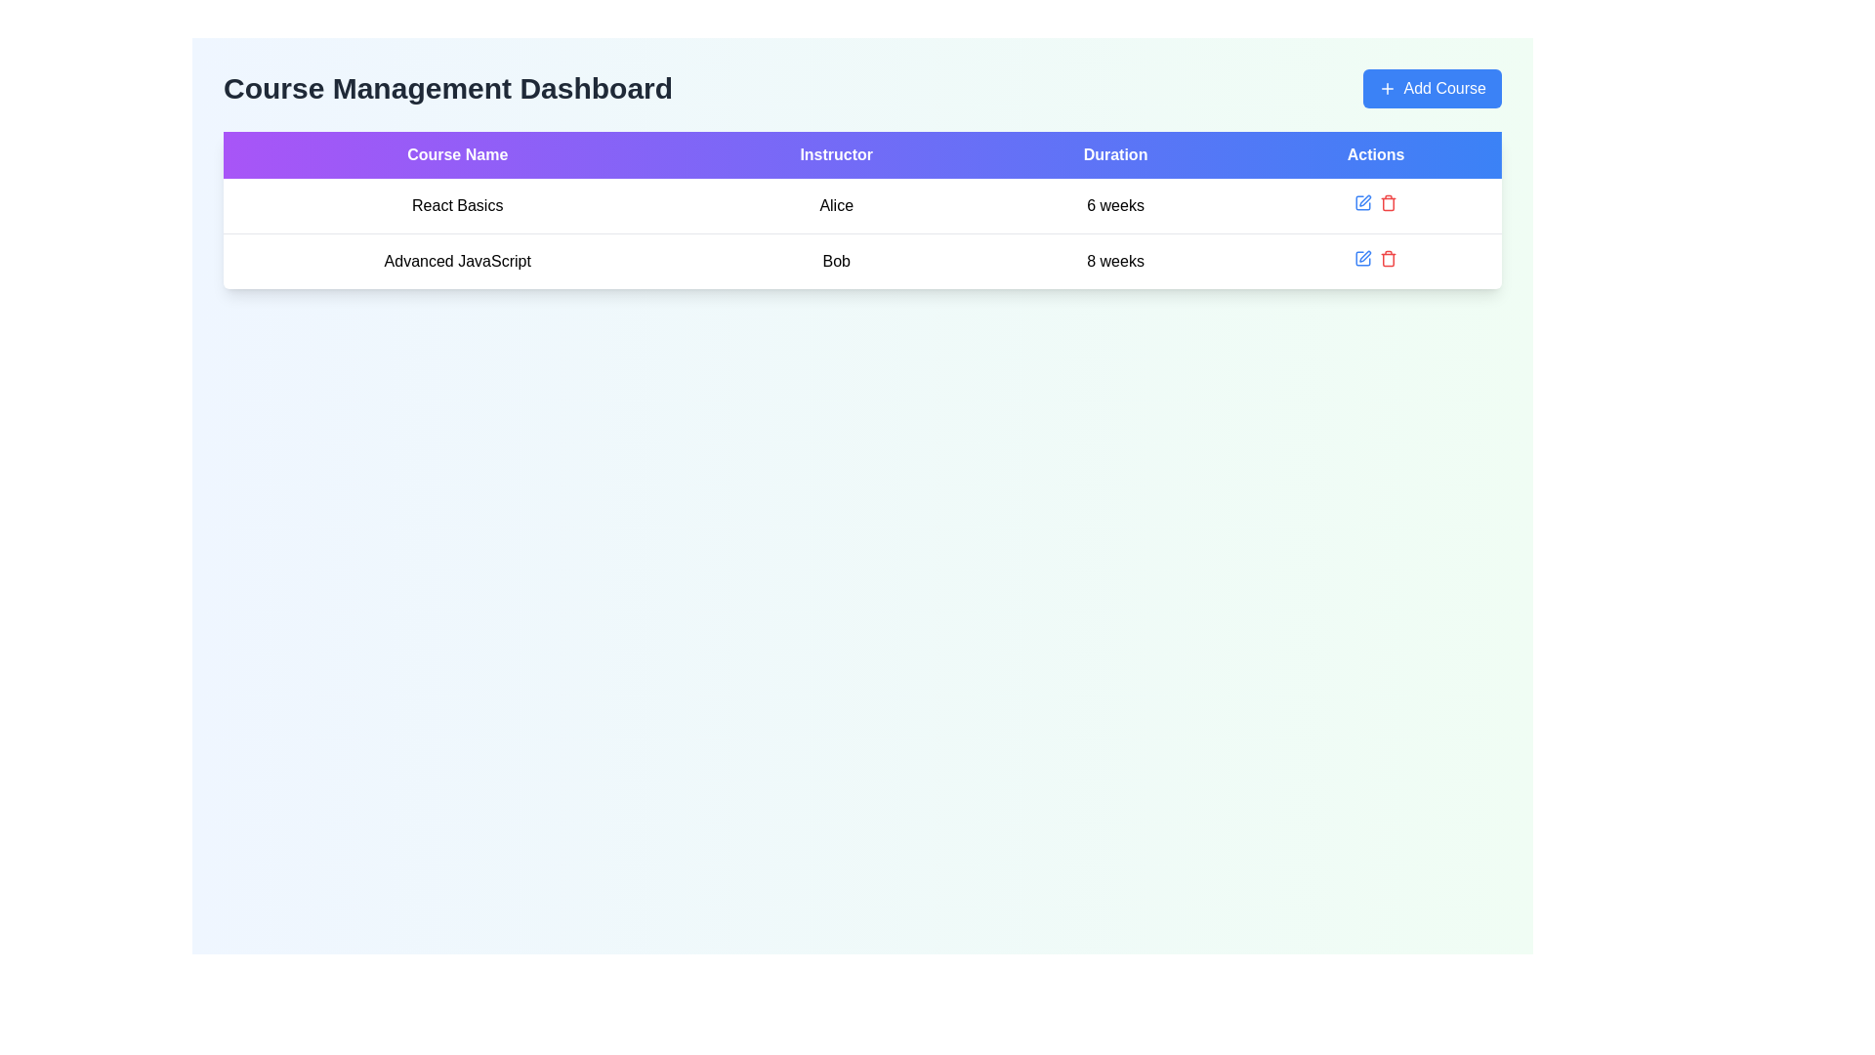  I want to click on the static text label showing the instructor's name 'Alice' in the first data row of the table under the 'Instructor' column, so click(836, 206).